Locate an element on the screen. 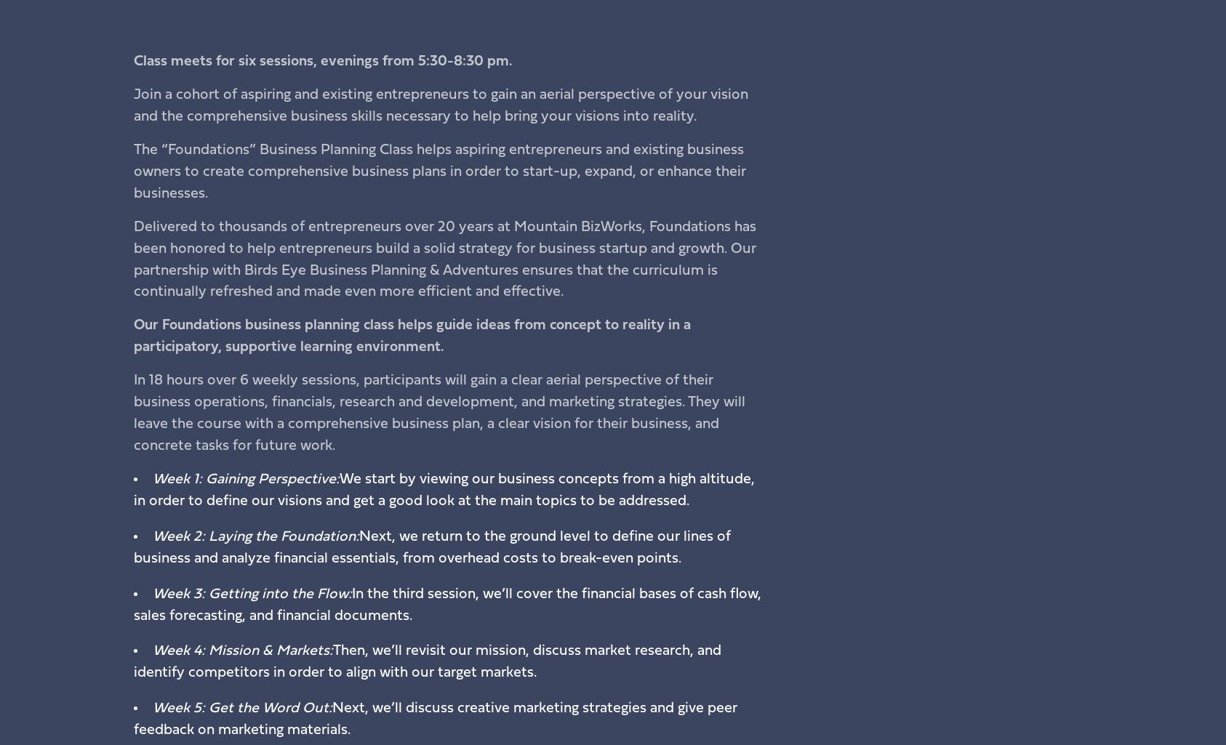 The width and height of the screenshot is (1226, 745). 'Week 4: Mission & Markets:' is located at coordinates (241, 650).